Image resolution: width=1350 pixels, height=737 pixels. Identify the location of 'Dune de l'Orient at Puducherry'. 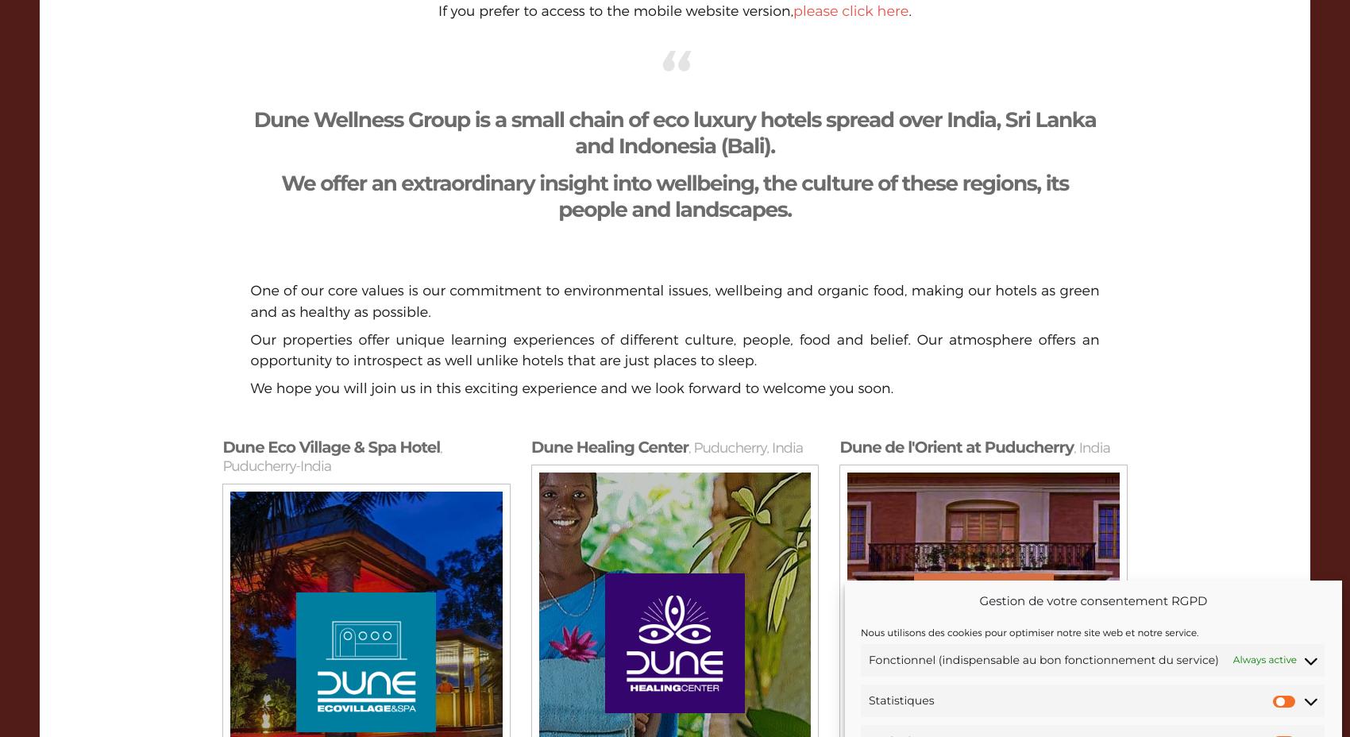
(839, 446).